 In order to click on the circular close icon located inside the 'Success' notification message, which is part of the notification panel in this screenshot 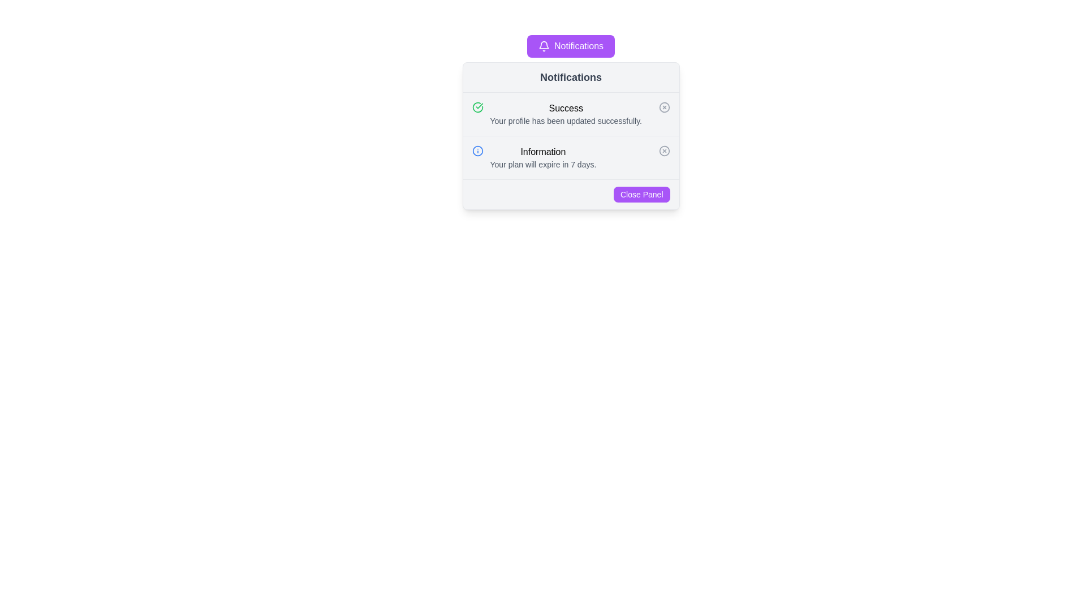, I will do `click(664, 107)`.